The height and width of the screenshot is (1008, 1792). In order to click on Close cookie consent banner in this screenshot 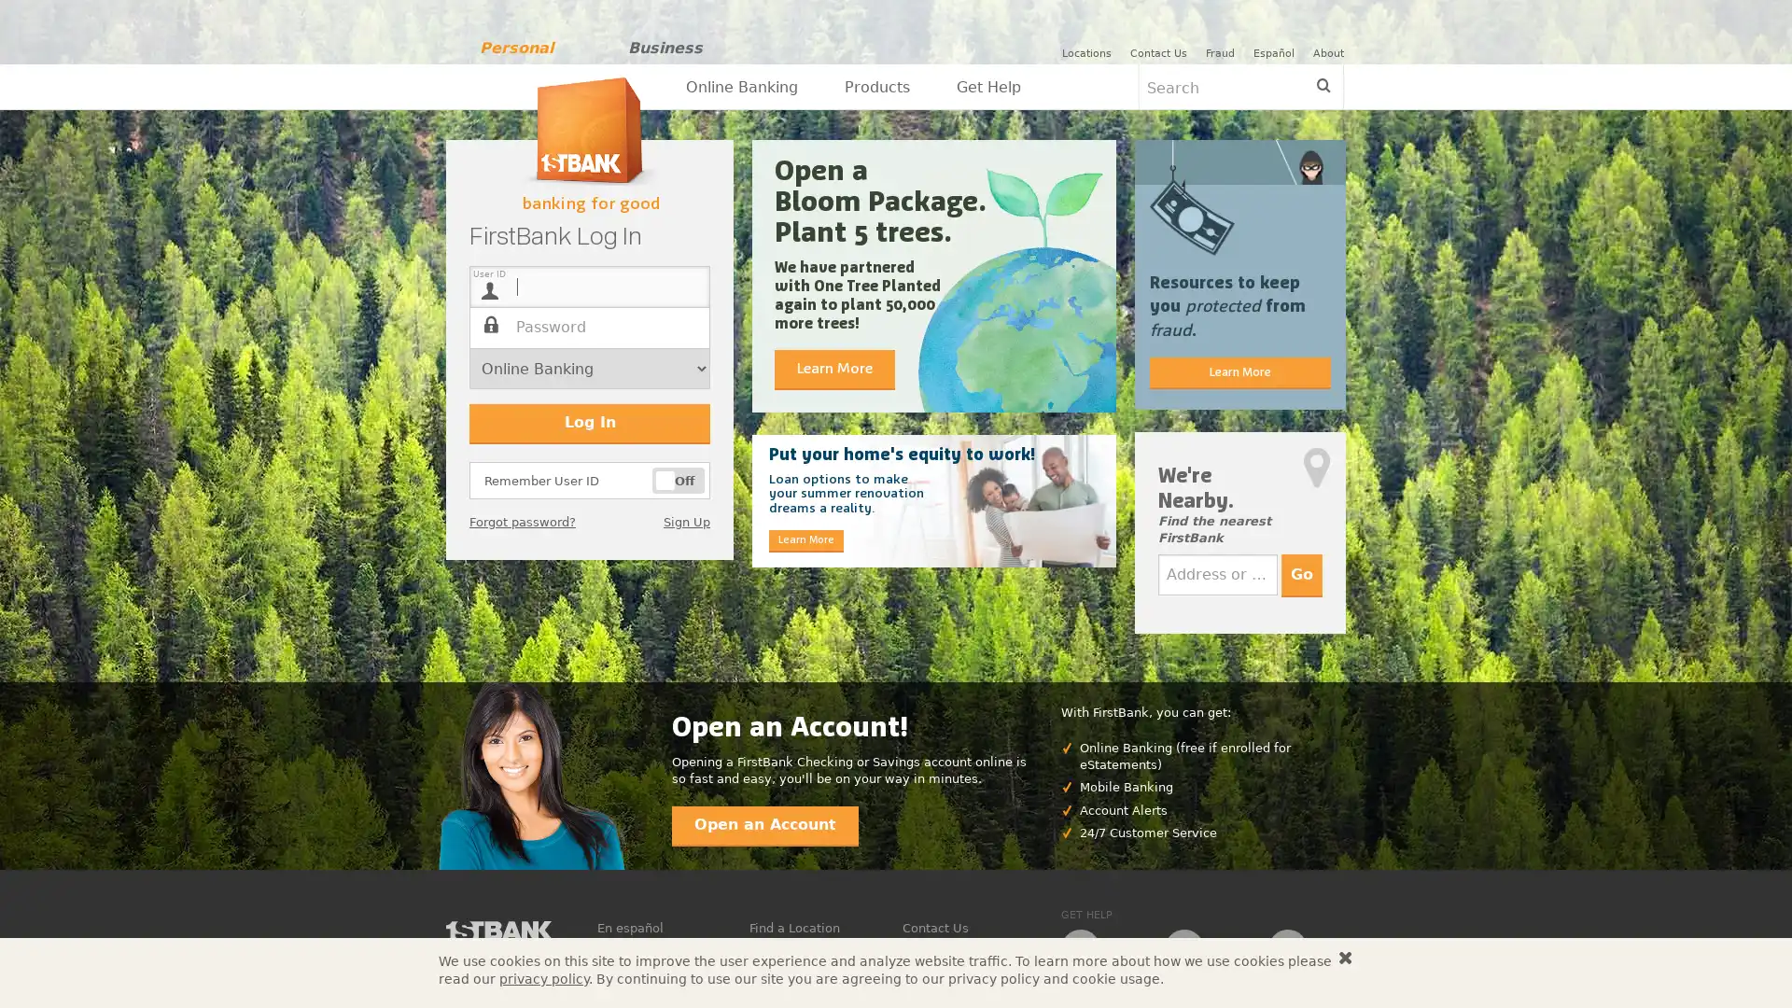, I will do `click(1345, 958)`.